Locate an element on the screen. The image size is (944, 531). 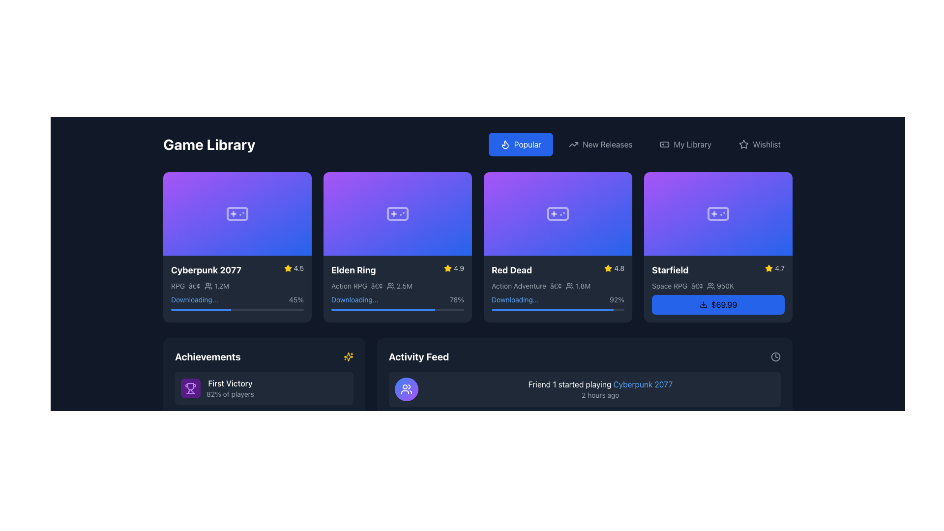
the graphical flame icon located inside the 'Popular' selection button, positioned to the left of the text label 'Popular' is located at coordinates (505, 145).